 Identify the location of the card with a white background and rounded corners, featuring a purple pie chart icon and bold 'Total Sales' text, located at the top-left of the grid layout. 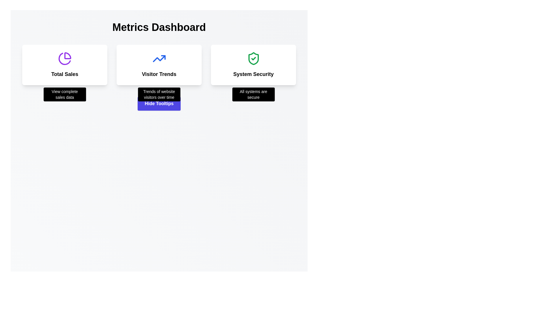
(65, 65).